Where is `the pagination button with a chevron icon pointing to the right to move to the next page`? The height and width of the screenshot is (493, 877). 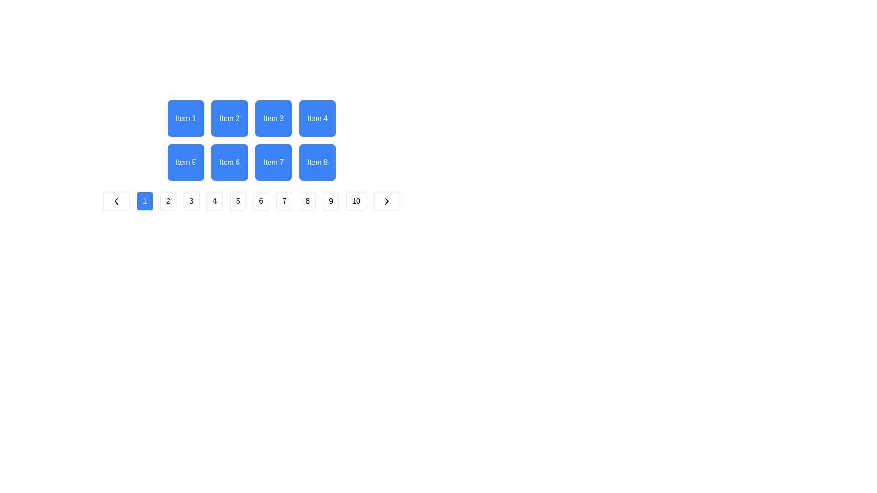
the pagination button with a chevron icon pointing to the right to move to the next page is located at coordinates (386, 200).